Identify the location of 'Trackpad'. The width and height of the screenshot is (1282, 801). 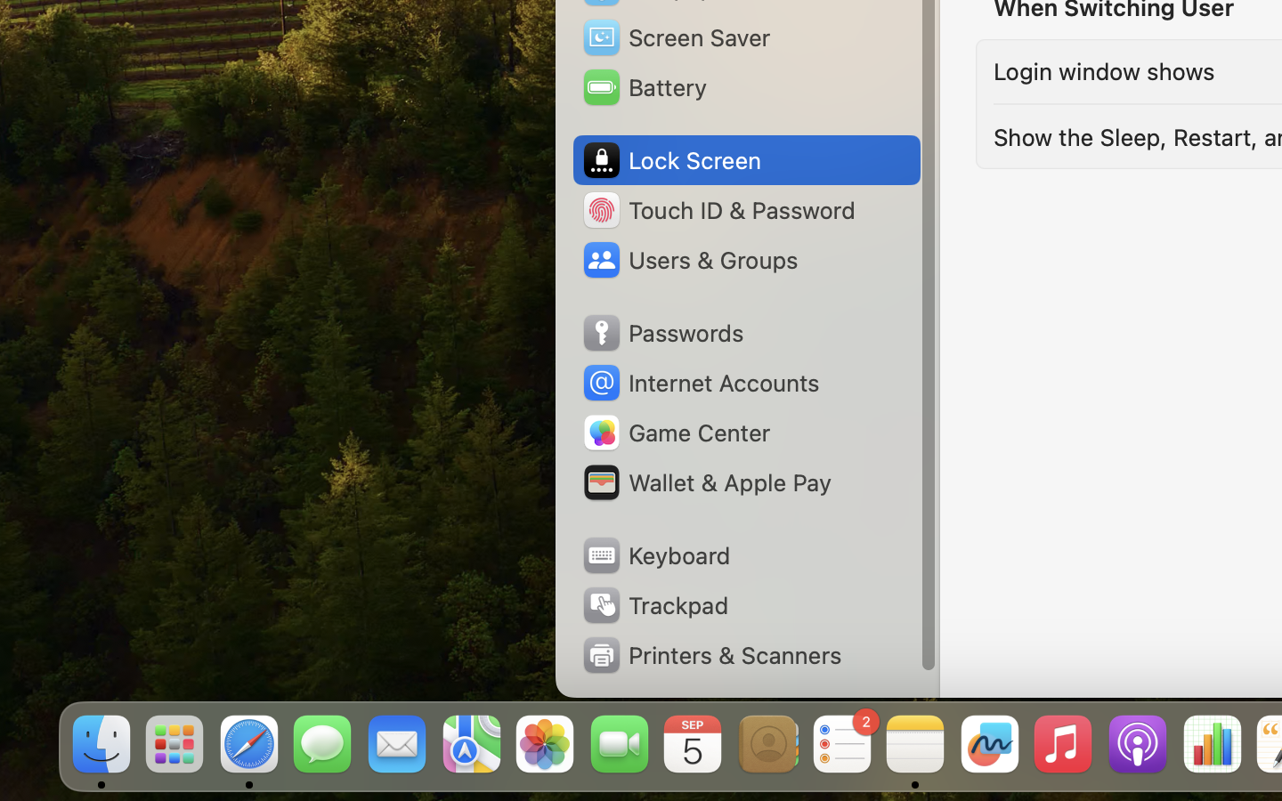
(653, 604).